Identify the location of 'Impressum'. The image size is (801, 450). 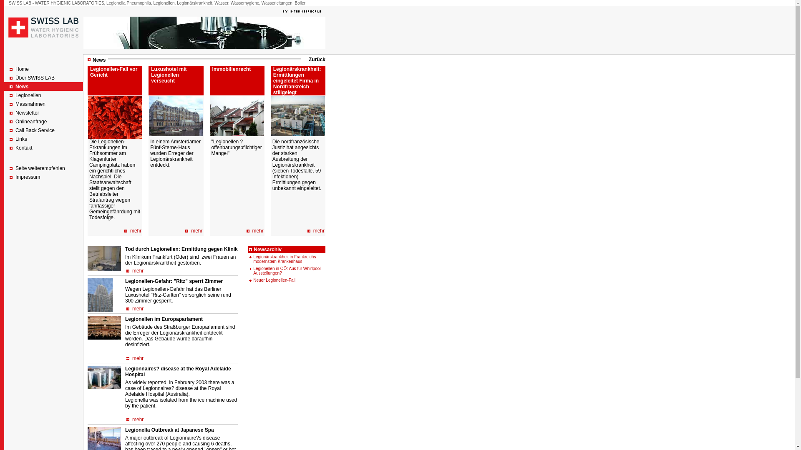
(28, 176).